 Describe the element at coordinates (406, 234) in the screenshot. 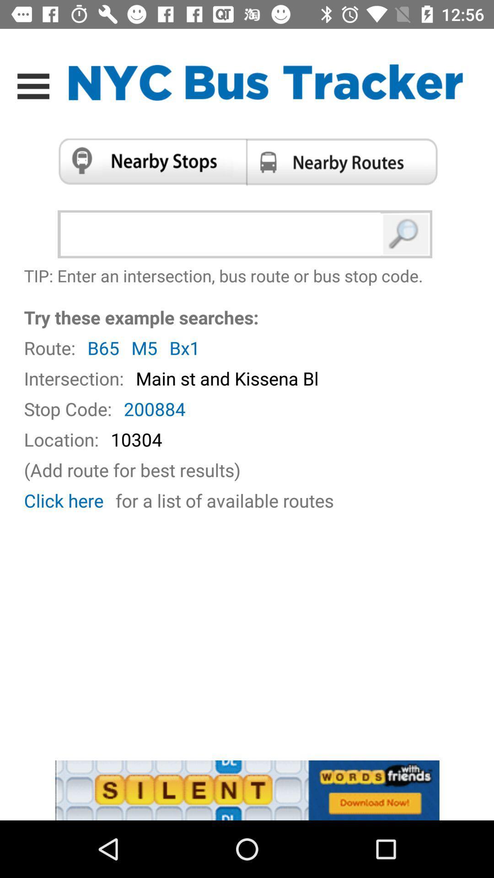

I see `search button` at that location.